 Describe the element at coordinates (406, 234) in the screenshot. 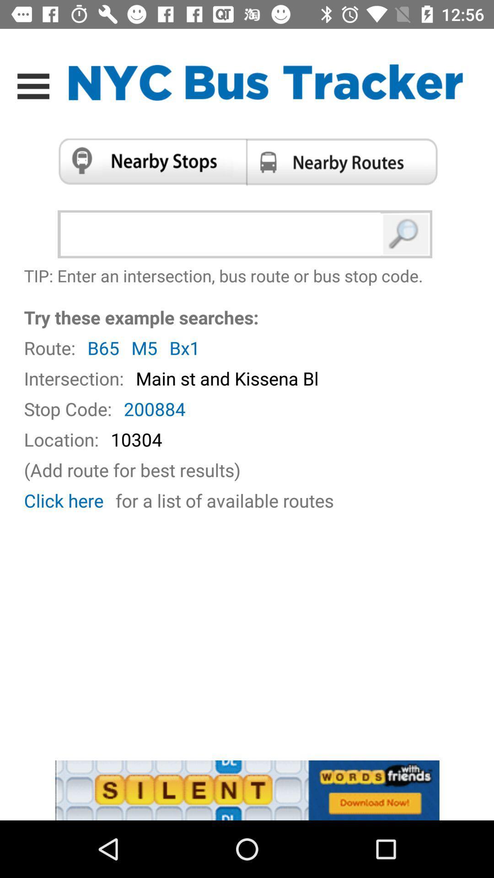

I see `search button` at that location.